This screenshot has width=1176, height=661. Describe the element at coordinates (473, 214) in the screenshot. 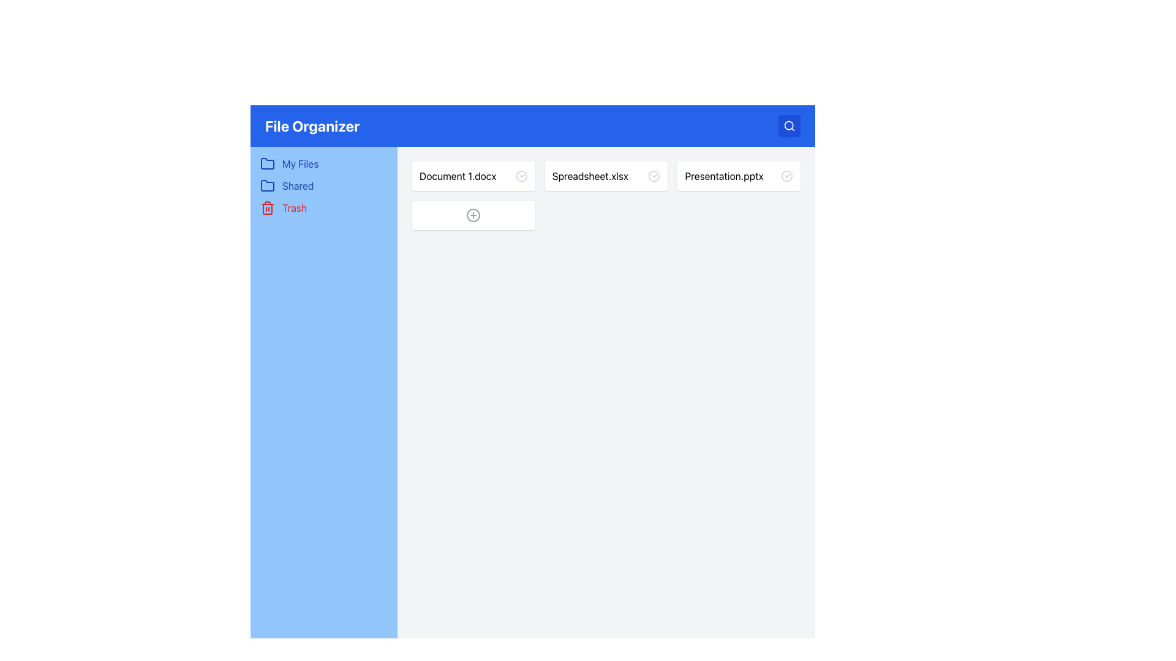

I see `the interactive button located below the first column containing 'Document 1.docx'` at that location.